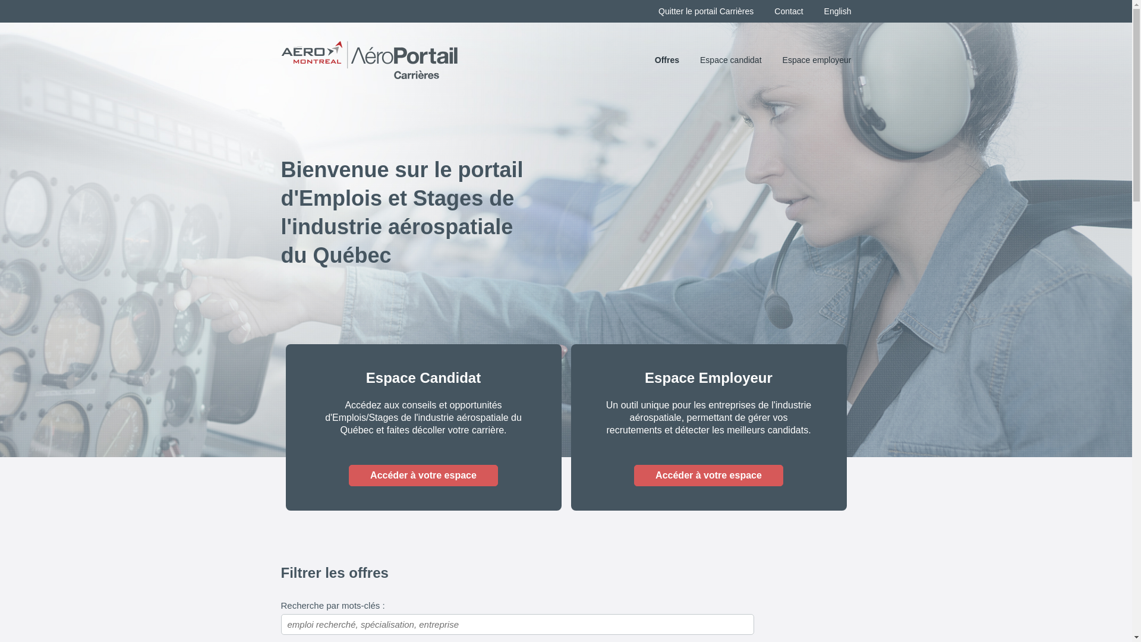 The width and height of the screenshot is (1141, 642). What do you see at coordinates (816, 59) in the screenshot?
I see `'Espace employeur'` at bounding box center [816, 59].